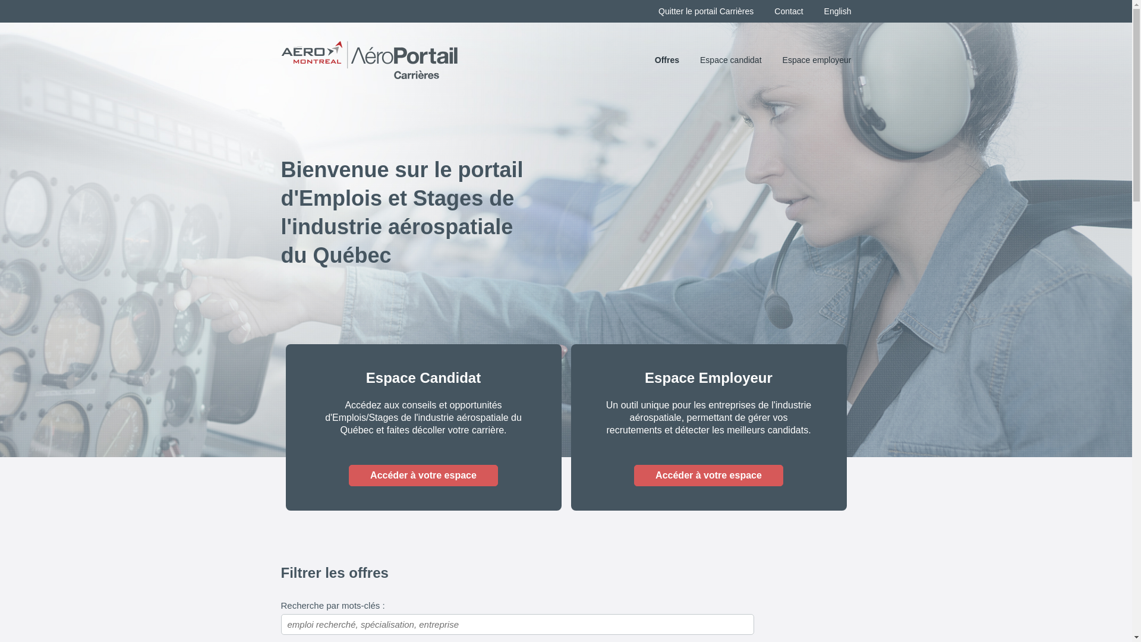 The width and height of the screenshot is (1141, 642). What do you see at coordinates (816, 59) in the screenshot?
I see `'Espace employeur'` at bounding box center [816, 59].